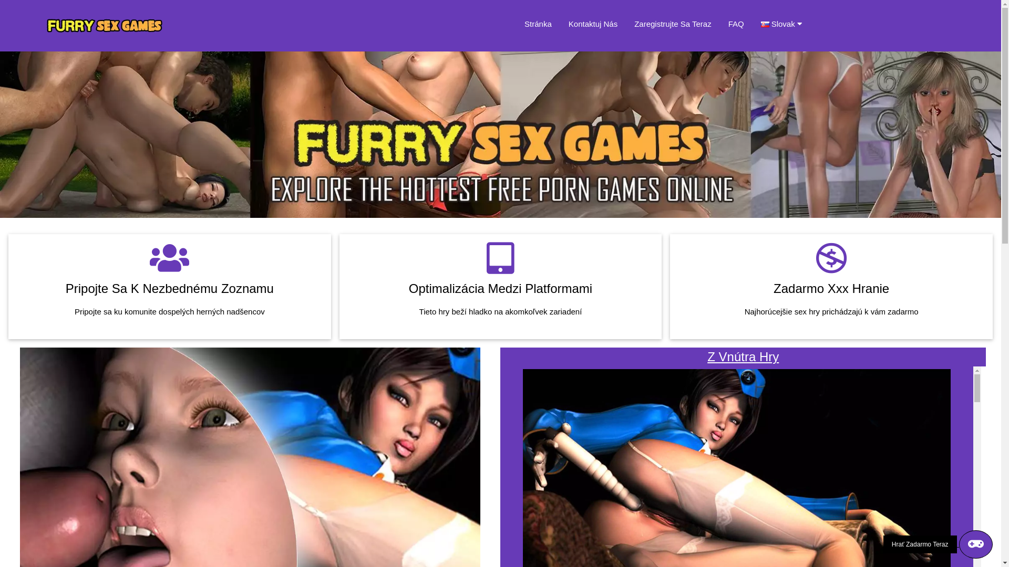  What do you see at coordinates (673, 24) in the screenshot?
I see `'Zaregistrujte Sa Teraz'` at bounding box center [673, 24].